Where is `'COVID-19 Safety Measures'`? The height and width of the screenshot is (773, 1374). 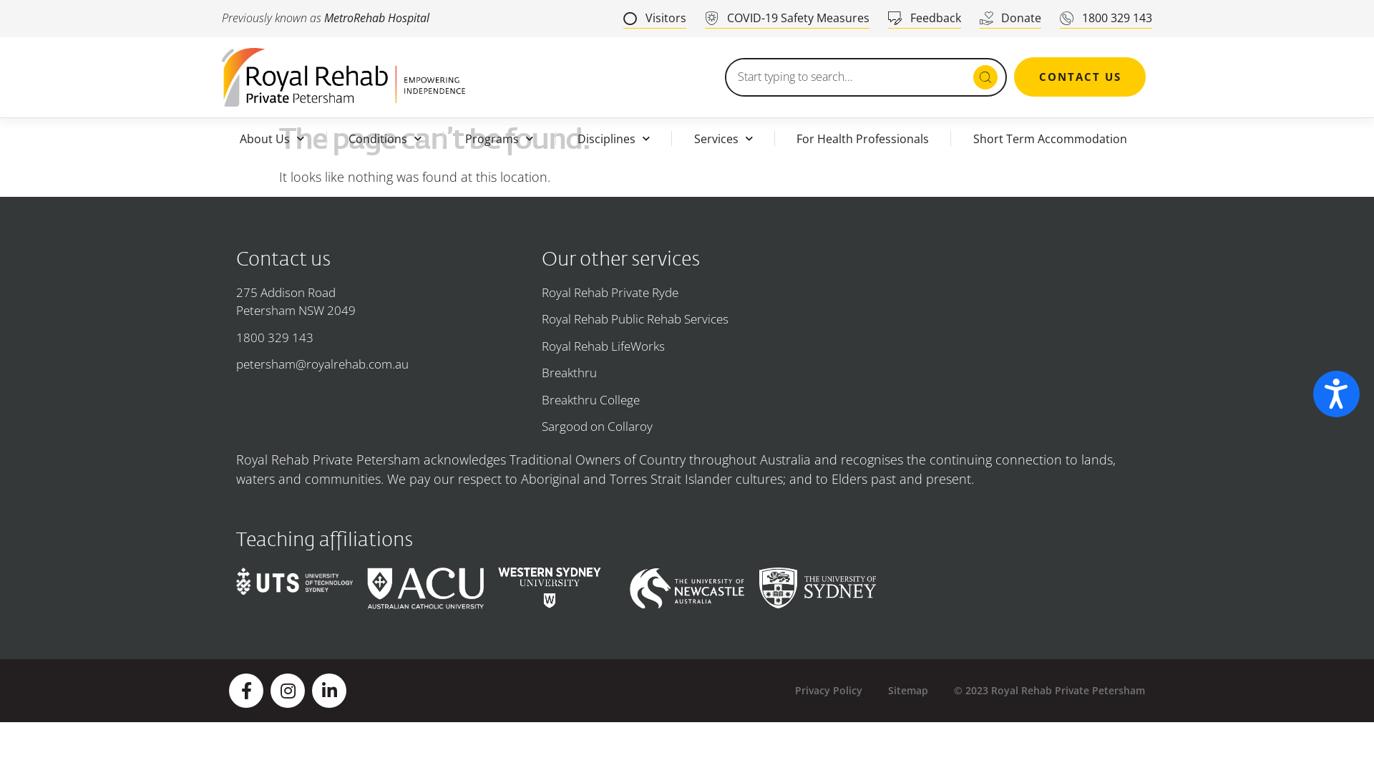 'COVID-19 Safety Measures' is located at coordinates (786, 19).